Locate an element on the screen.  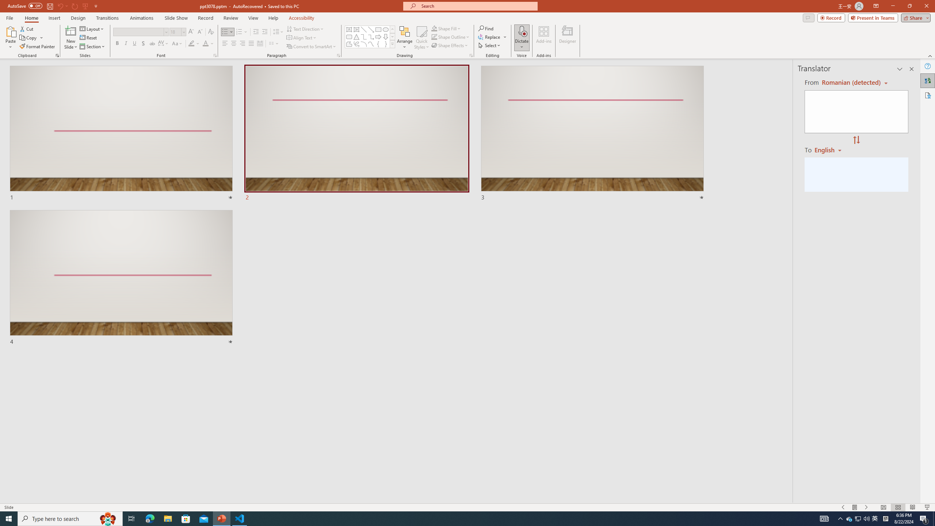
'Replace...' is located at coordinates (493, 36).